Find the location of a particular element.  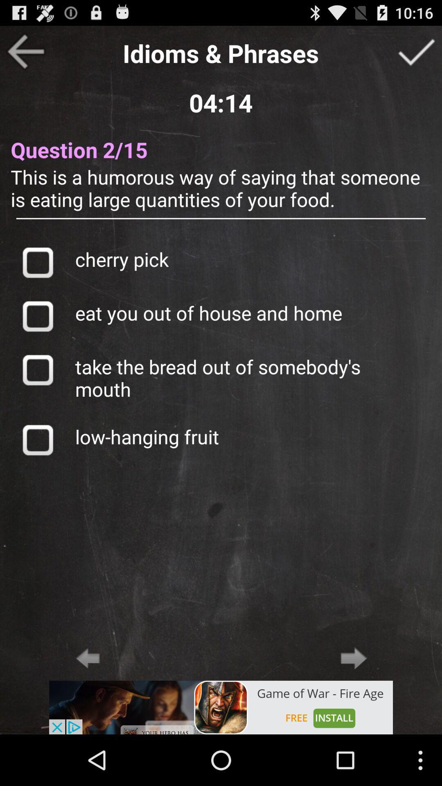

a link to an advertisement is located at coordinates (221, 707).